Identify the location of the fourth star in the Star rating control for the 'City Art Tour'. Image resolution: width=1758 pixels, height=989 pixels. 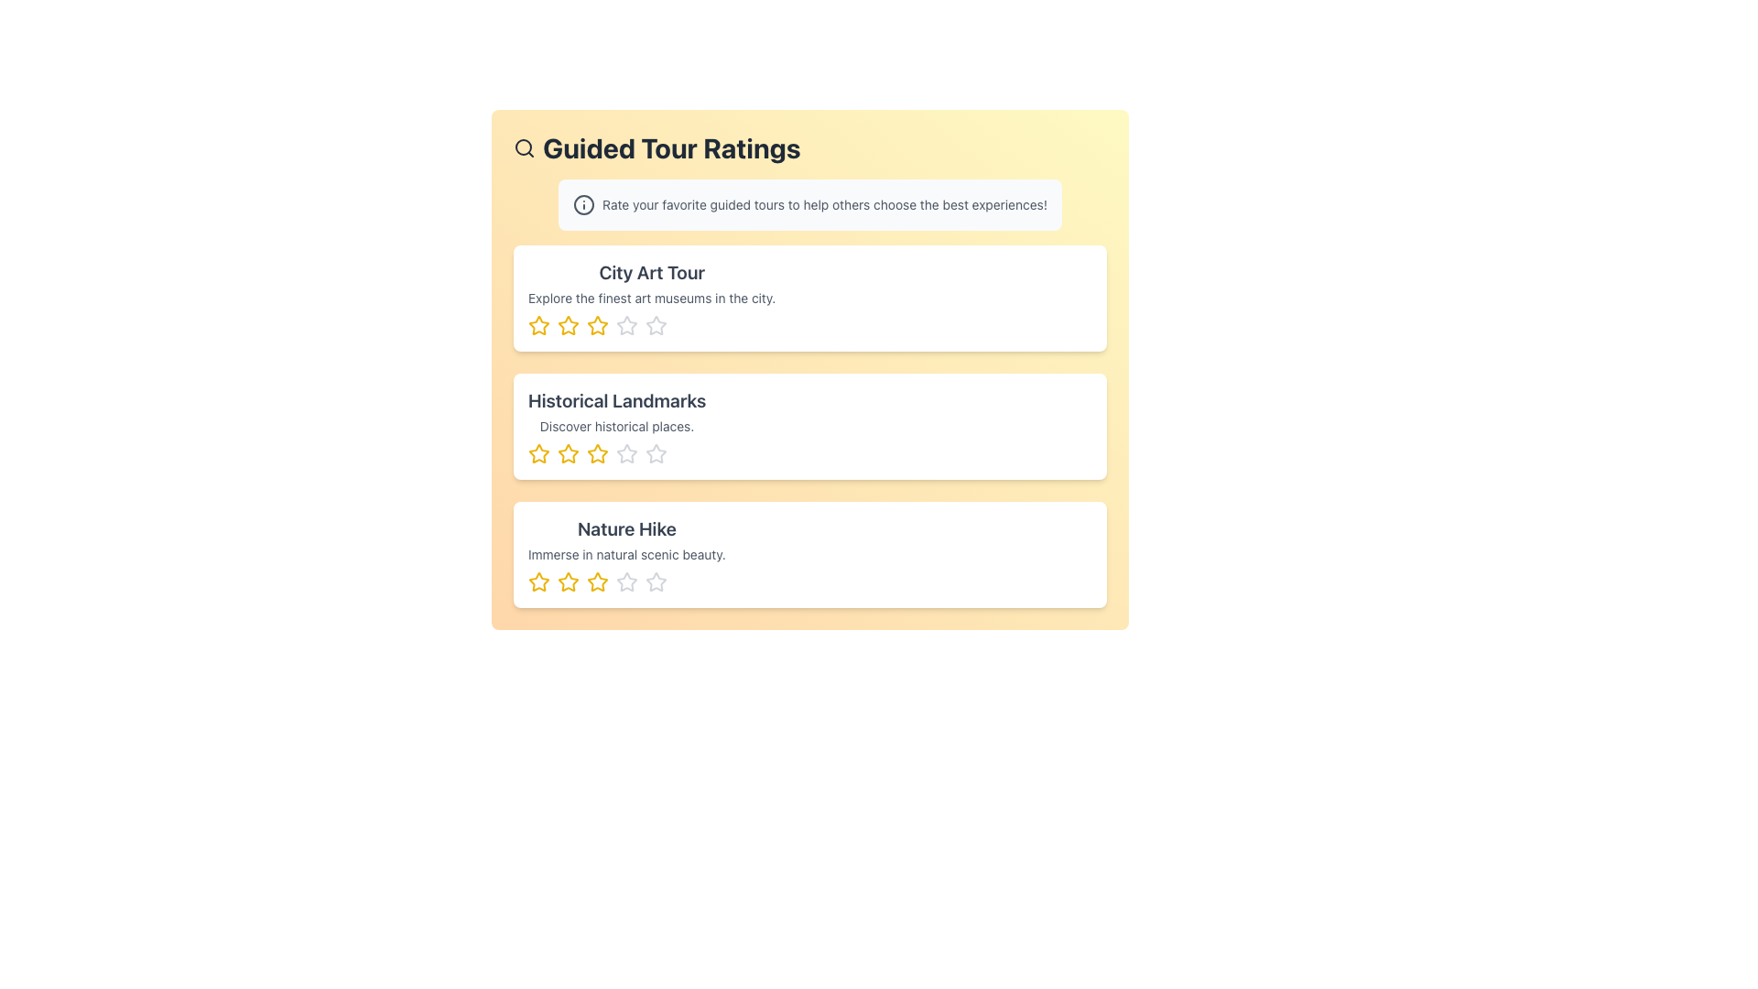
(656, 324).